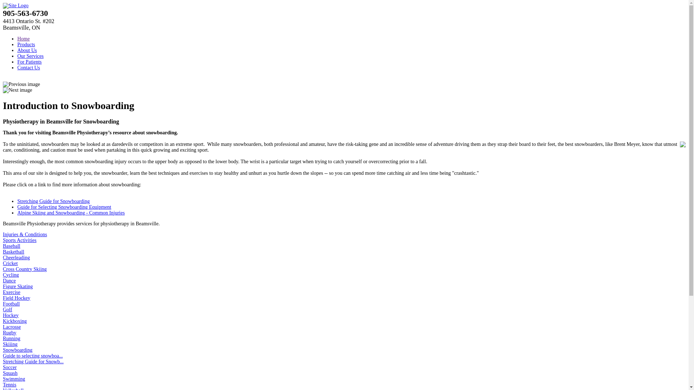 The height and width of the screenshot is (390, 694). What do you see at coordinates (20, 240) in the screenshot?
I see `'Sports Activities'` at bounding box center [20, 240].